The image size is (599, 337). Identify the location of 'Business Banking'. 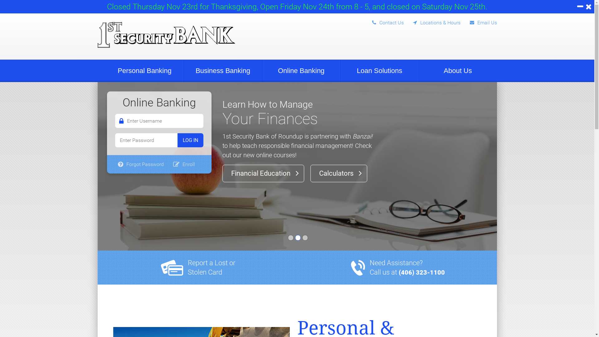
(223, 71).